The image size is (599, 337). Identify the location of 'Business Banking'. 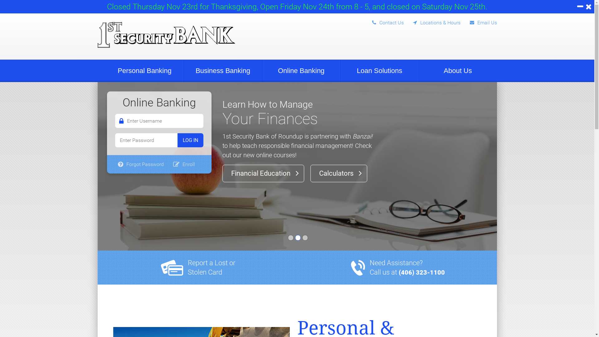
(223, 71).